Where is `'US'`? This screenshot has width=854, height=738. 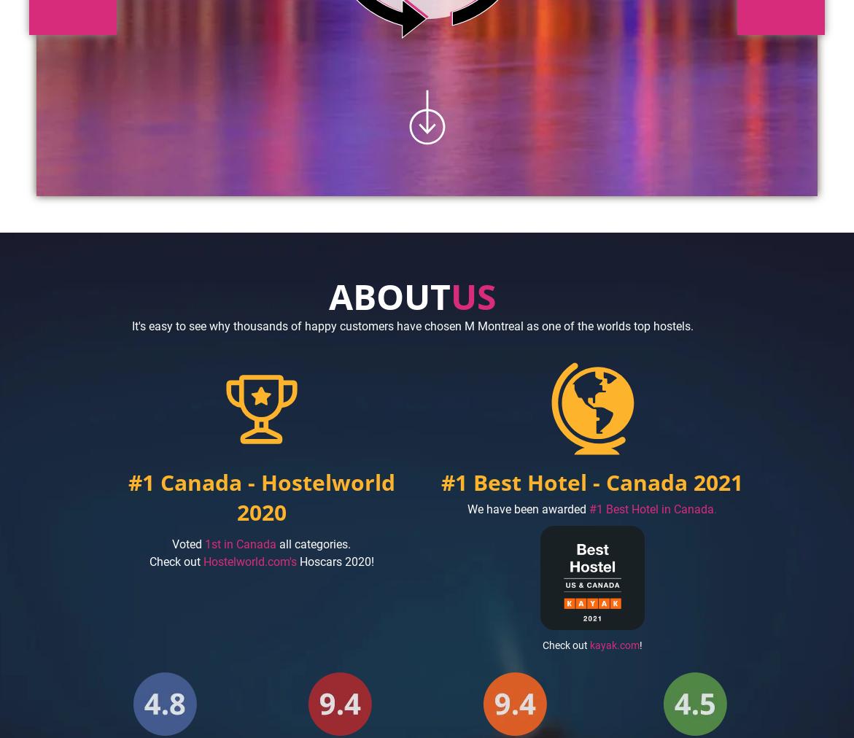
'US' is located at coordinates (450, 296).